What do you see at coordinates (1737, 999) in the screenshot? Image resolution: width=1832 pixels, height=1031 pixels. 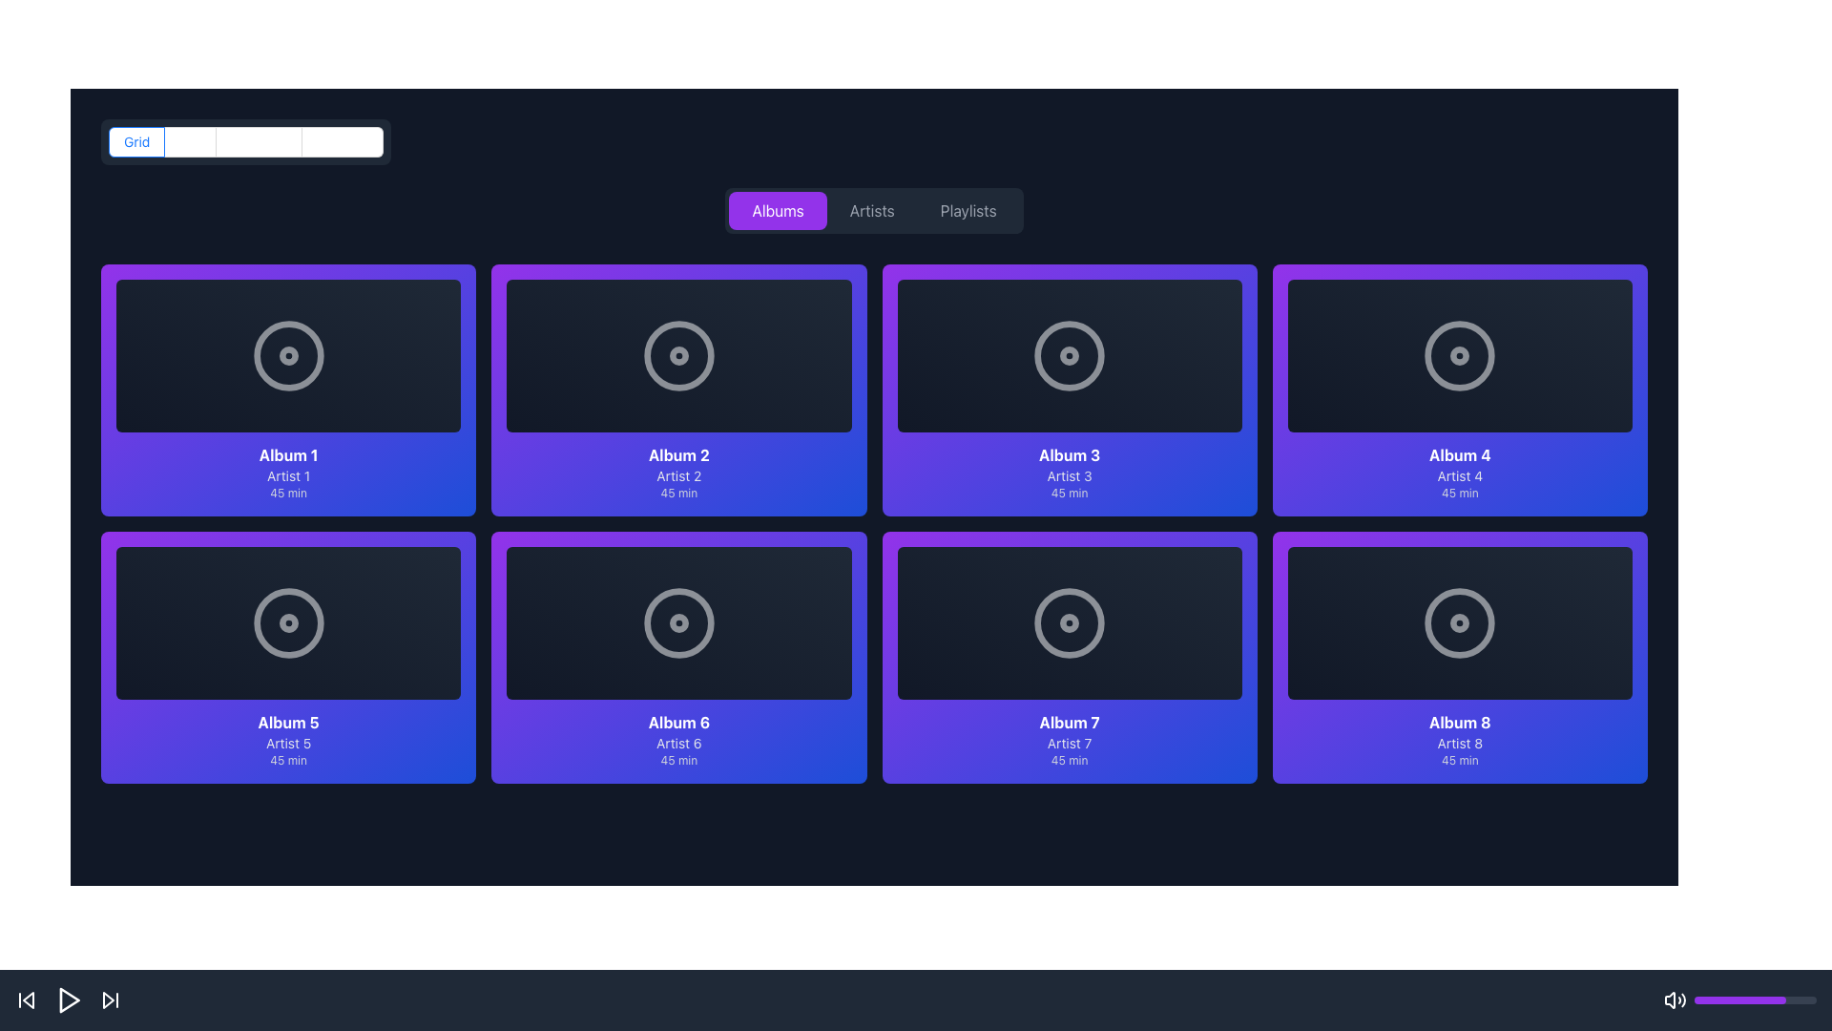 I see `the slider value` at bounding box center [1737, 999].